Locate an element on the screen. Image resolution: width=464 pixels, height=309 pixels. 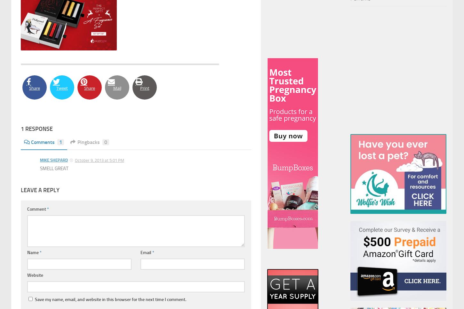
'Save my name, email, and website in this browser for the next time I comment.' is located at coordinates (110, 299).